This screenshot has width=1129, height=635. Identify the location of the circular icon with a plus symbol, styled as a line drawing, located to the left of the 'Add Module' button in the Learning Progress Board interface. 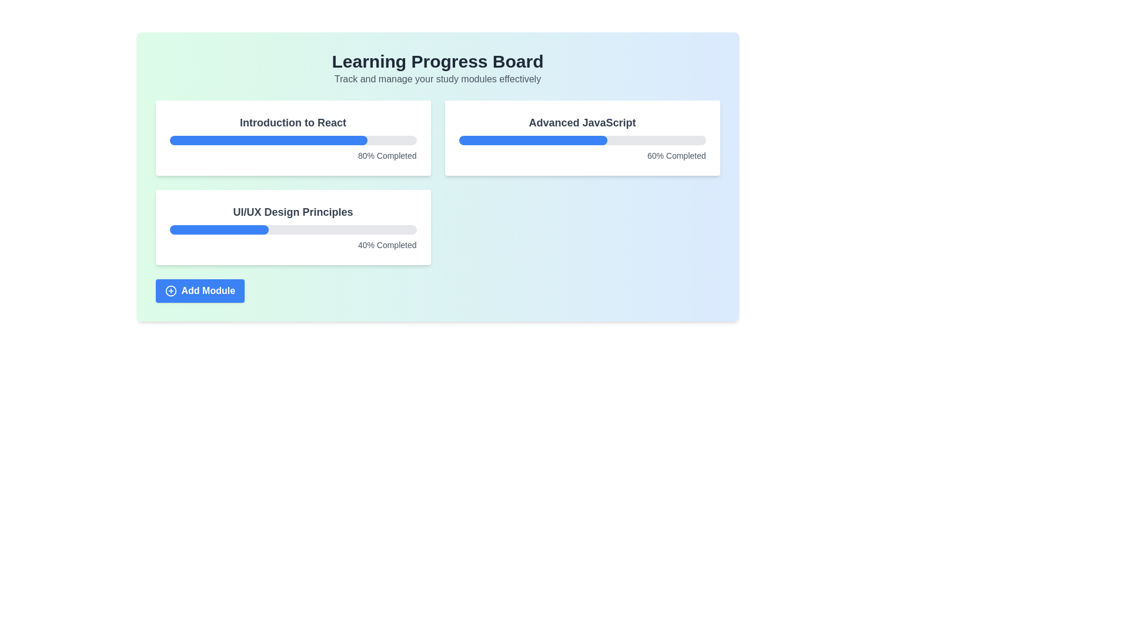
(170, 290).